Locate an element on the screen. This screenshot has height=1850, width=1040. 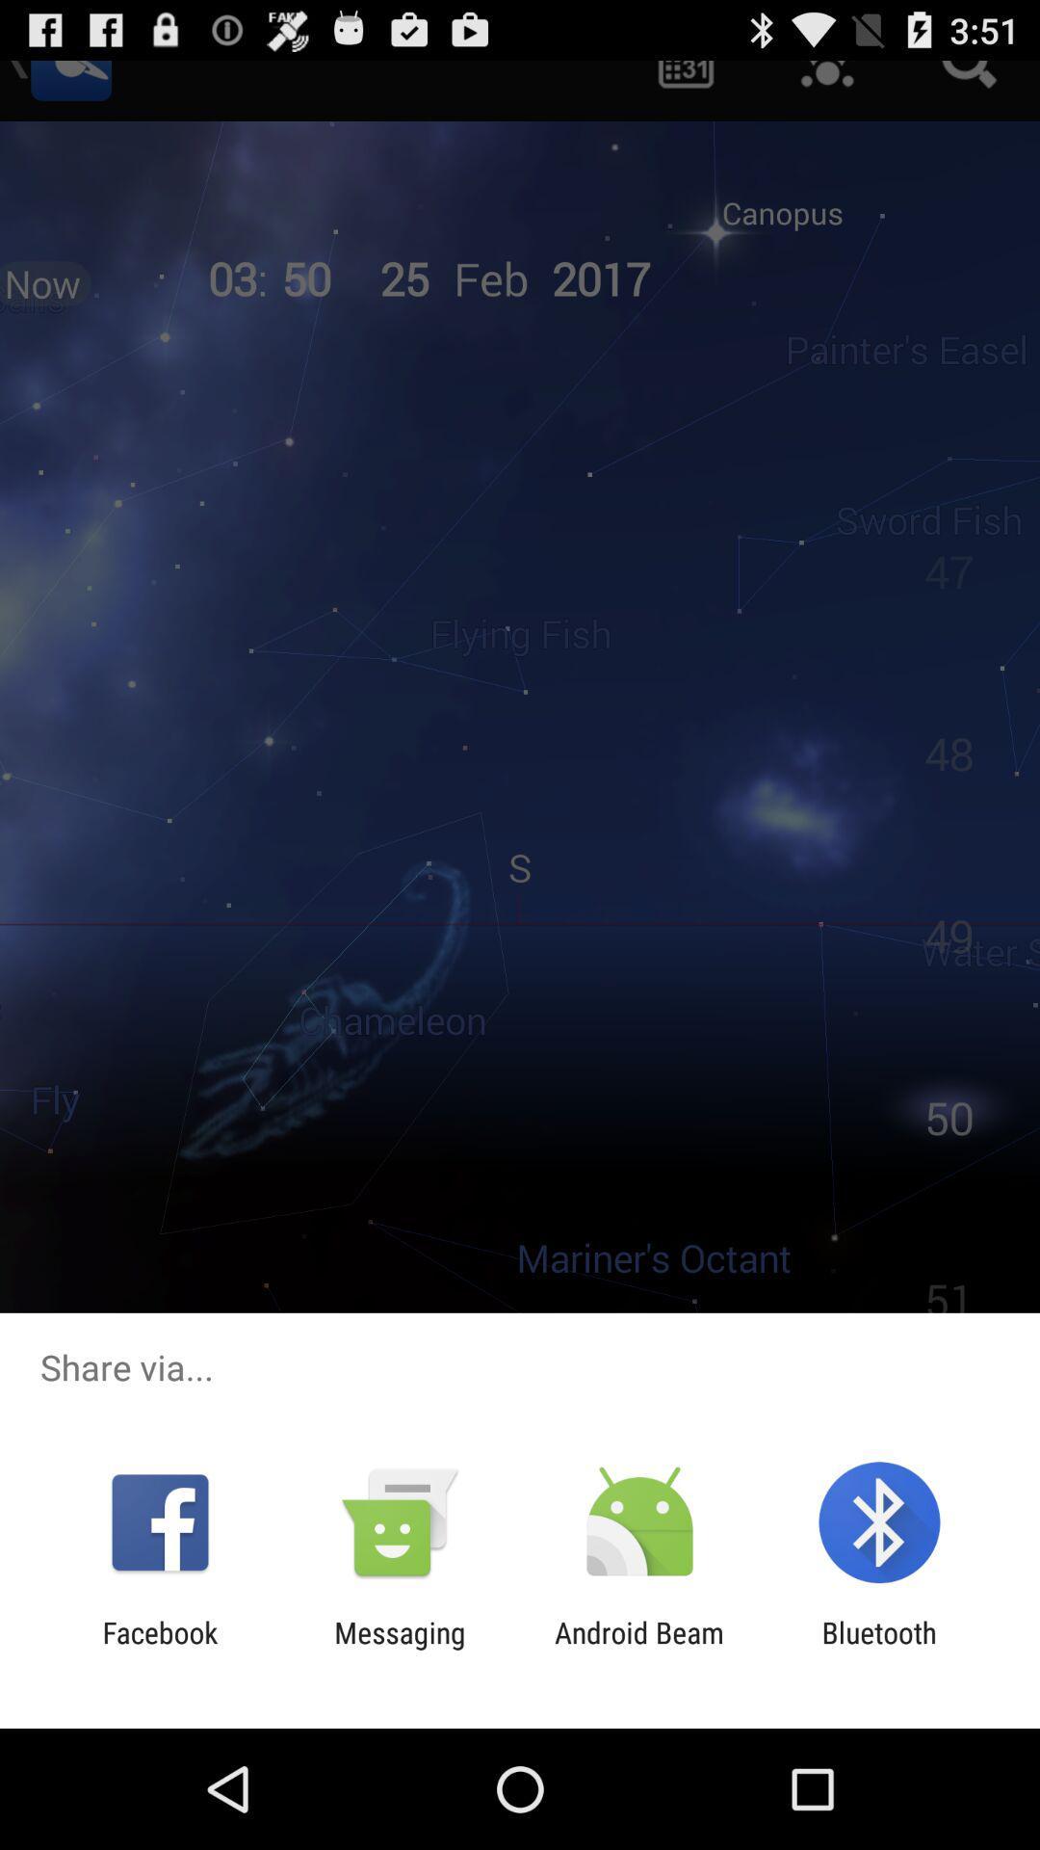
item next to the facebook app is located at coordinates (399, 1649).